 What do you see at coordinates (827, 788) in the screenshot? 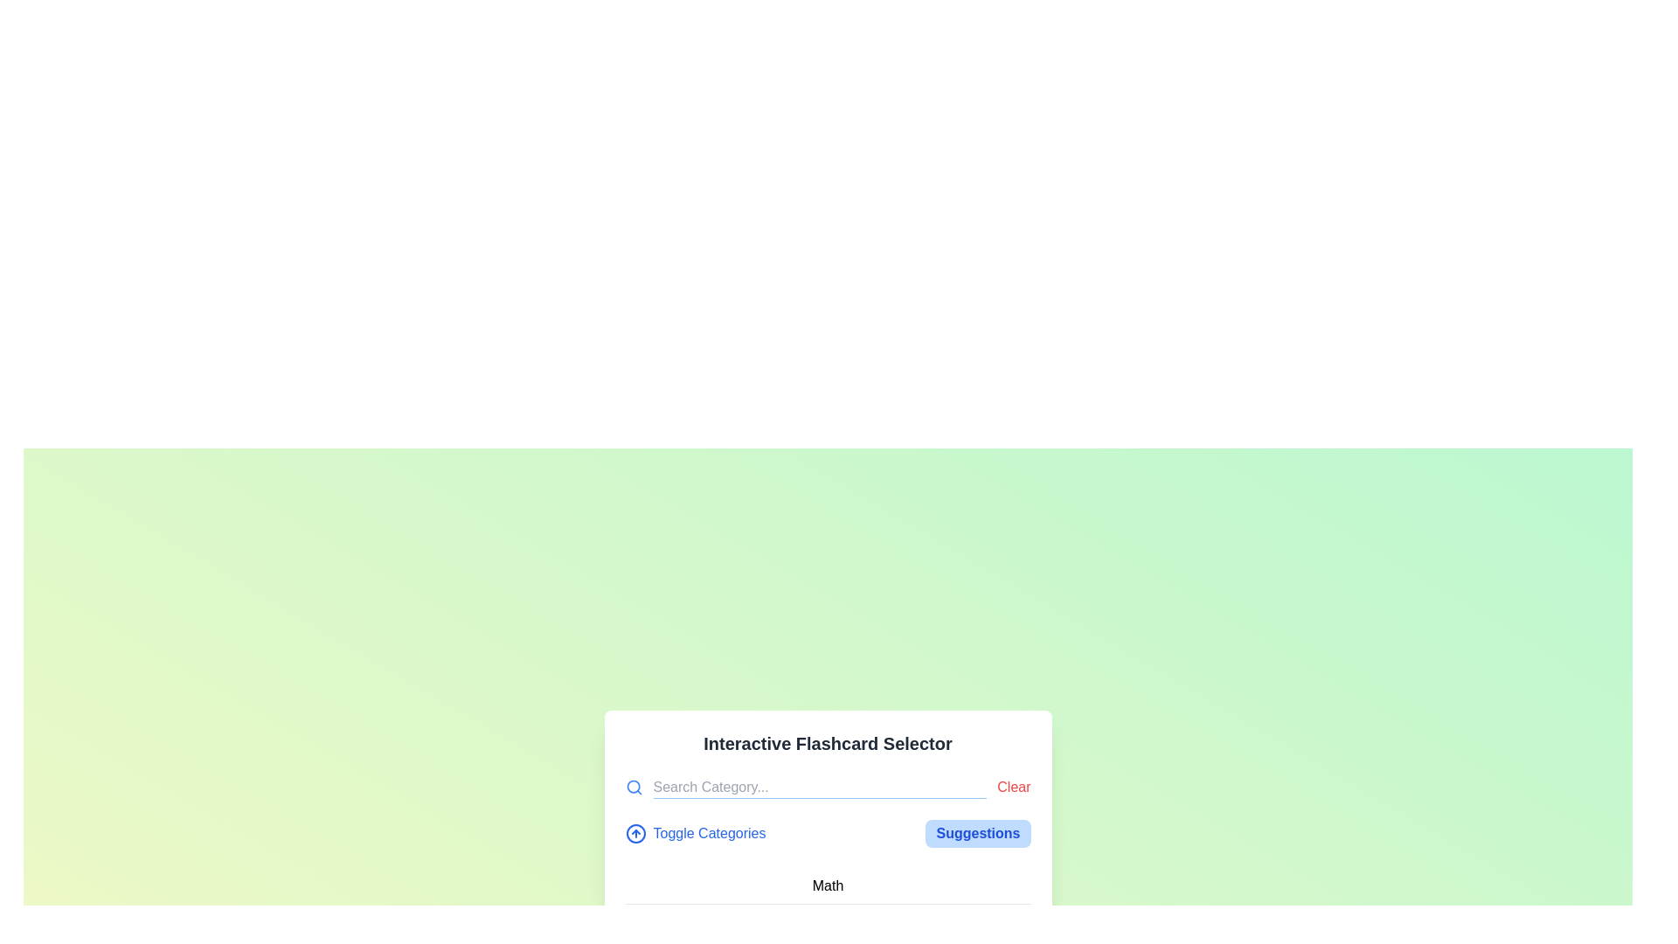
I see `the 'Clear' button, which is a labeled button in red located at the top-right corner of the 'Interactive Flashcard Selector' section` at bounding box center [827, 788].